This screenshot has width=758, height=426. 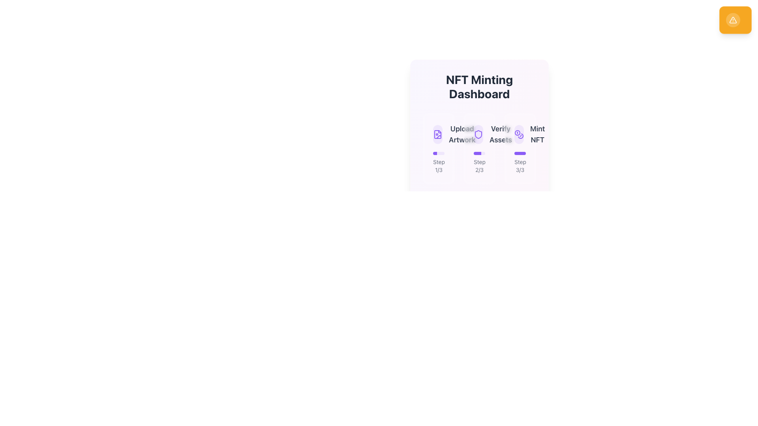 What do you see at coordinates (520, 162) in the screenshot?
I see `the progress status text indicating that the user is on step 3 of 3 in the Mint NFT process, located at the bottom-center of the card` at bounding box center [520, 162].